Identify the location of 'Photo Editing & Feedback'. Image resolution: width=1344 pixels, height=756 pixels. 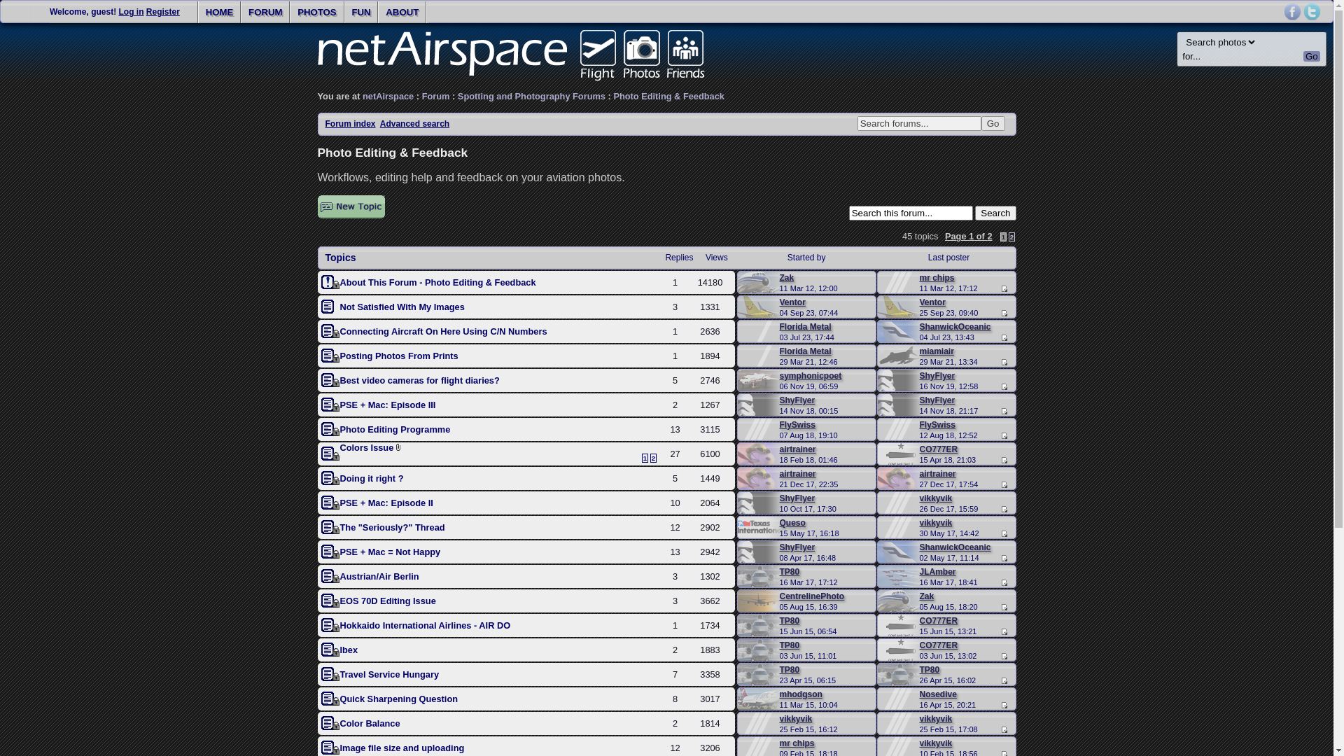
(668, 95).